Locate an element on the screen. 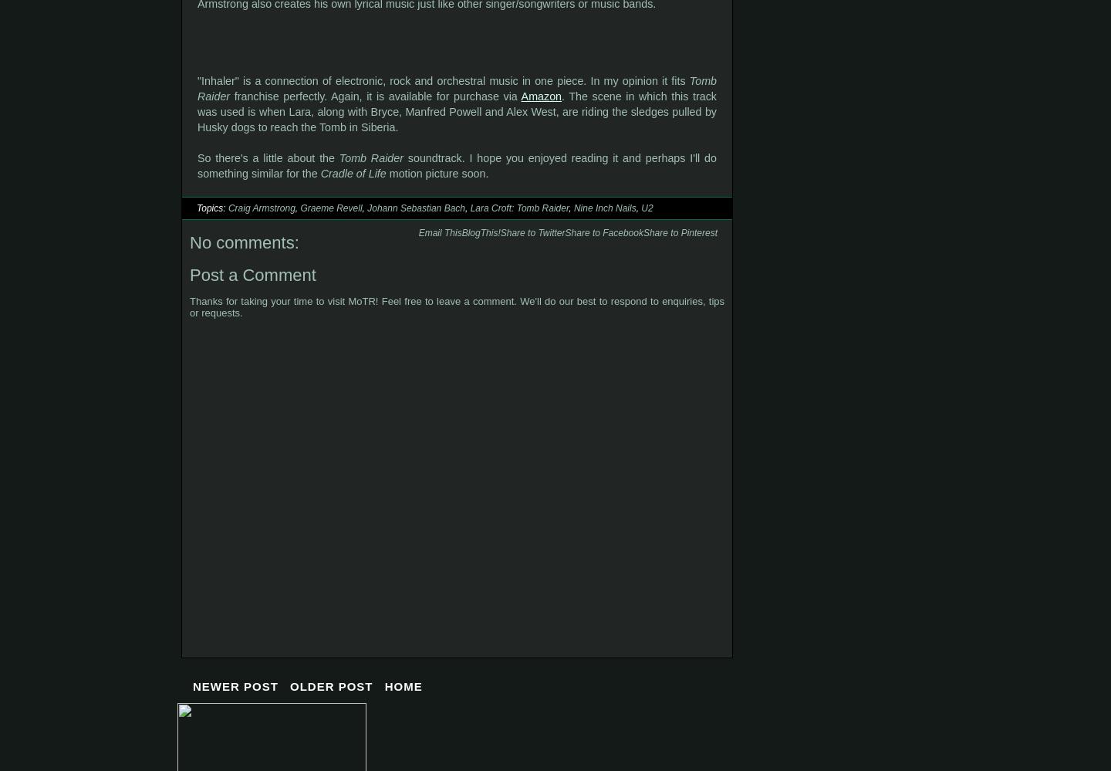 The width and height of the screenshot is (1111, 771). 'Johann Sebastian Bach' is located at coordinates (414, 208).